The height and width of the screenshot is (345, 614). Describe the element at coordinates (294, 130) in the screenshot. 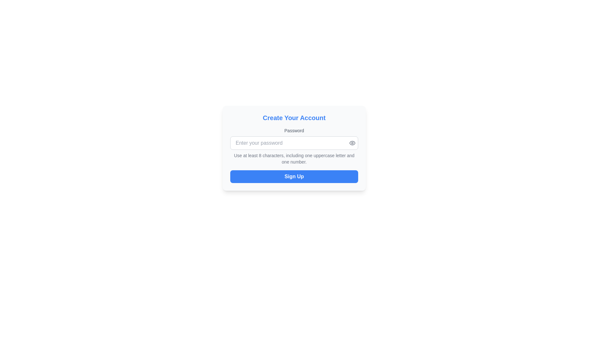

I see `the 'Password' text label, which is a small-sized gray font located below 'Create Your Account' and above the password input field` at that location.